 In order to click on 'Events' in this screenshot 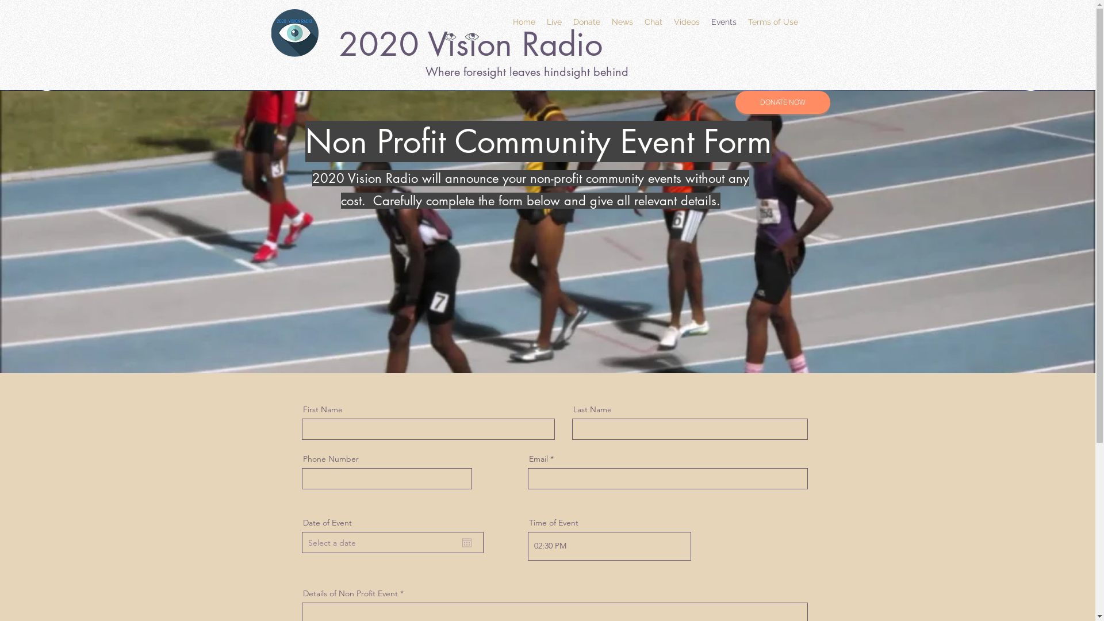, I will do `click(722, 22)`.